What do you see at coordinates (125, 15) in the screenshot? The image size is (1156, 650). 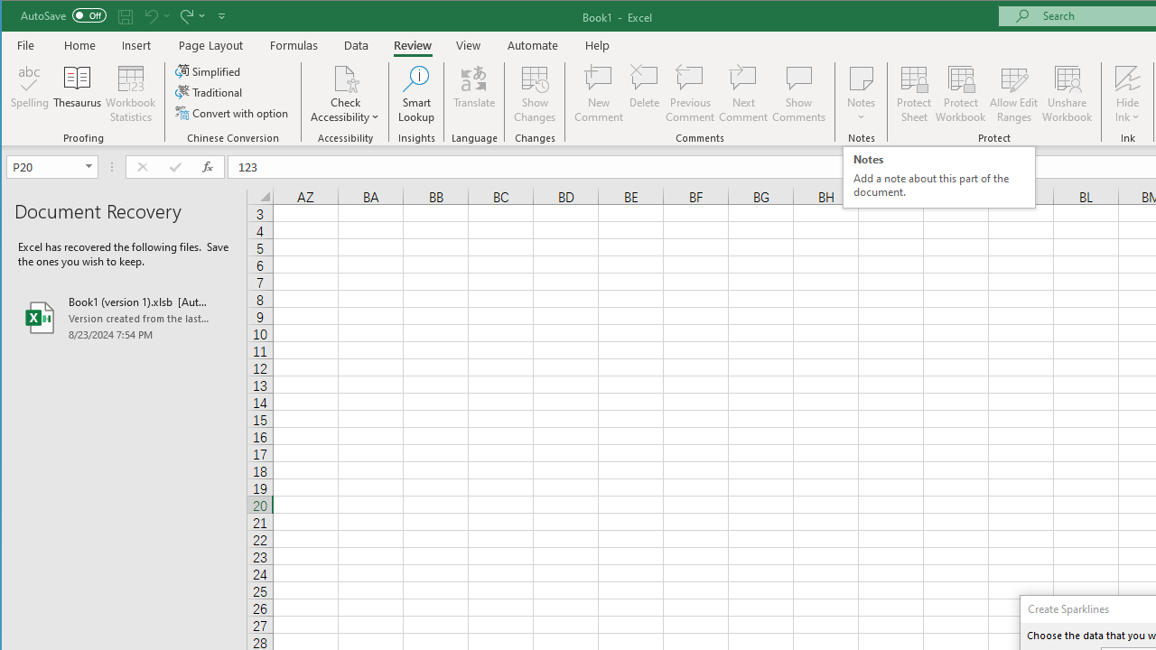 I see `'Save'` at bounding box center [125, 15].